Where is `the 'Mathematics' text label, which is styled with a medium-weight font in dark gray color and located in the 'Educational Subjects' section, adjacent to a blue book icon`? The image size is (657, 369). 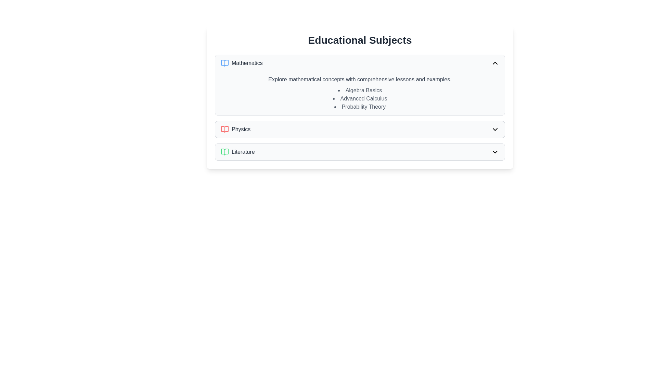
the 'Mathematics' text label, which is styled with a medium-weight font in dark gray color and located in the 'Educational Subjects' section, adjacent to a blue book icon is located at coordinates (247, 63).